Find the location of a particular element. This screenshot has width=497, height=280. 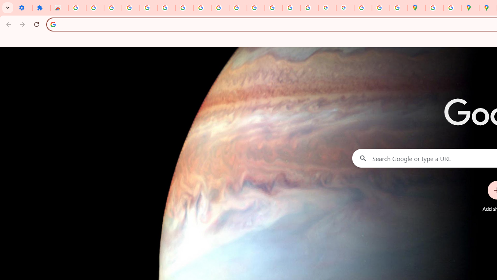

'Settings - On startup' is located at coordinates (23, 8).